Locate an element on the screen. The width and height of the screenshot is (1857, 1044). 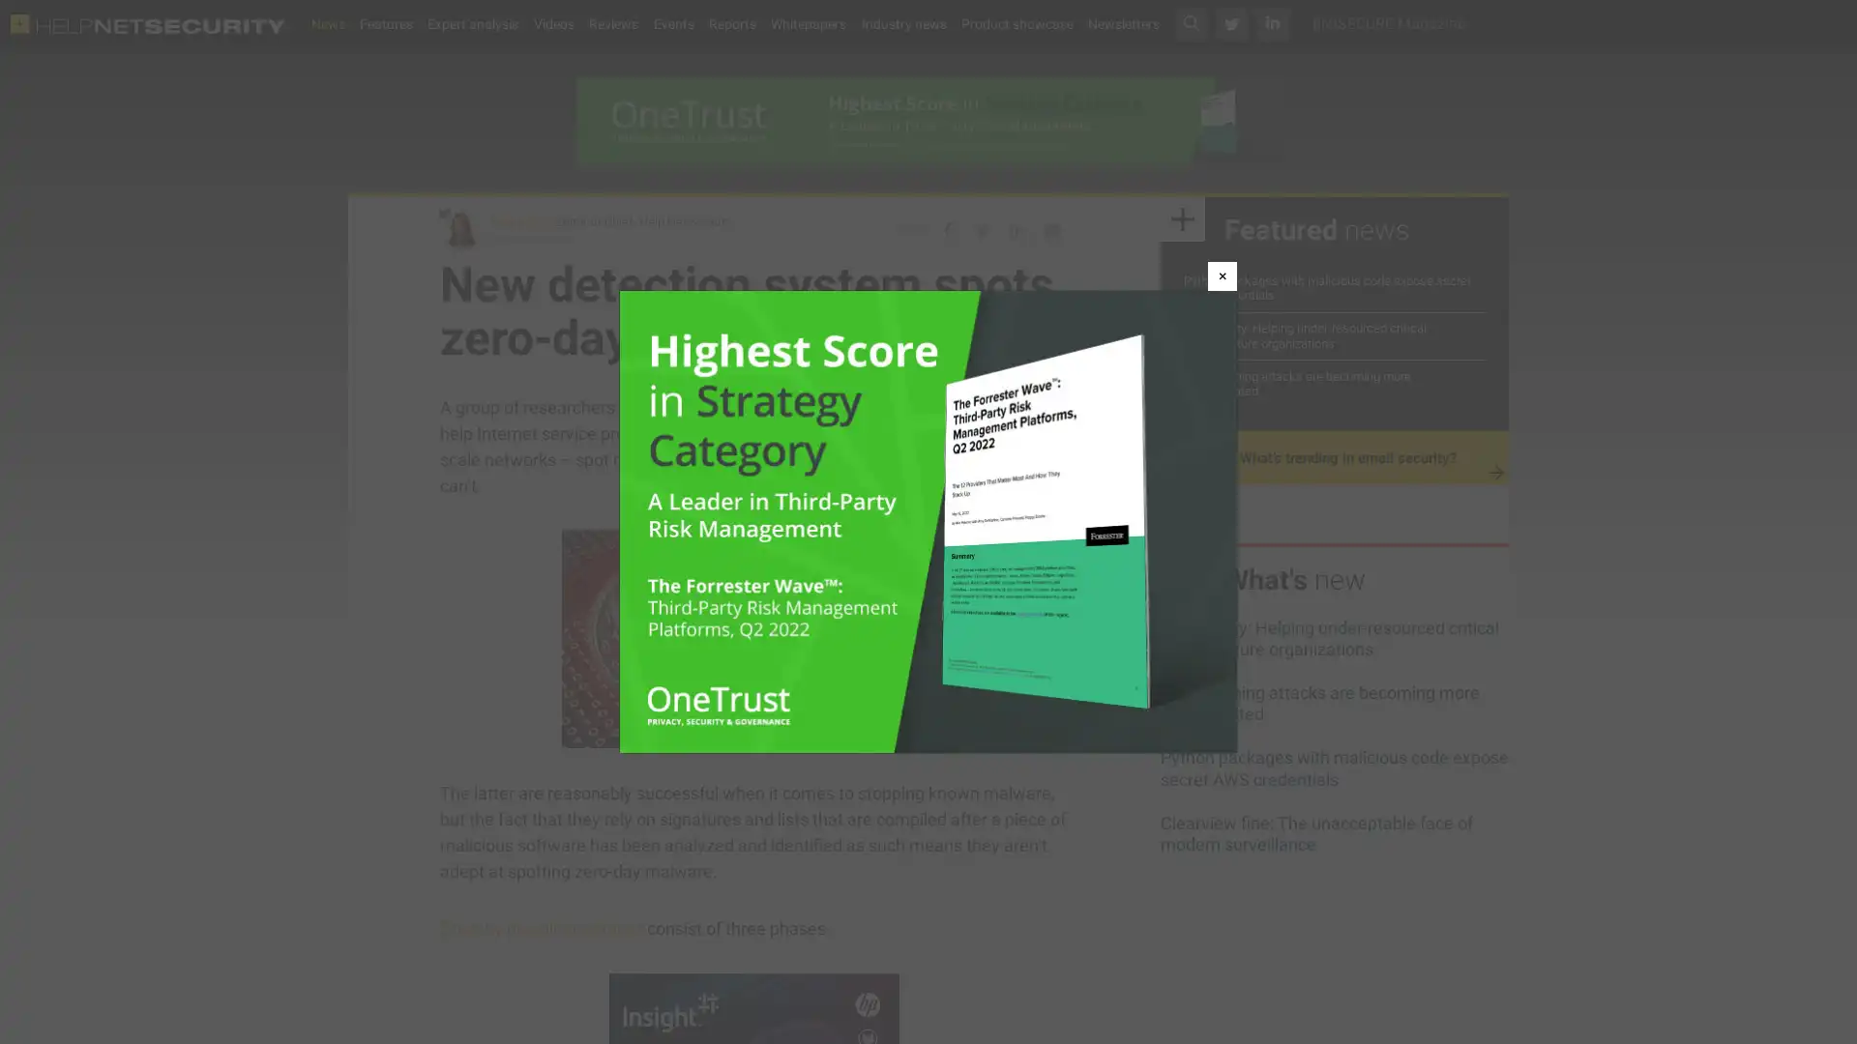
Toggle search is located at coordinates (1191, 23).